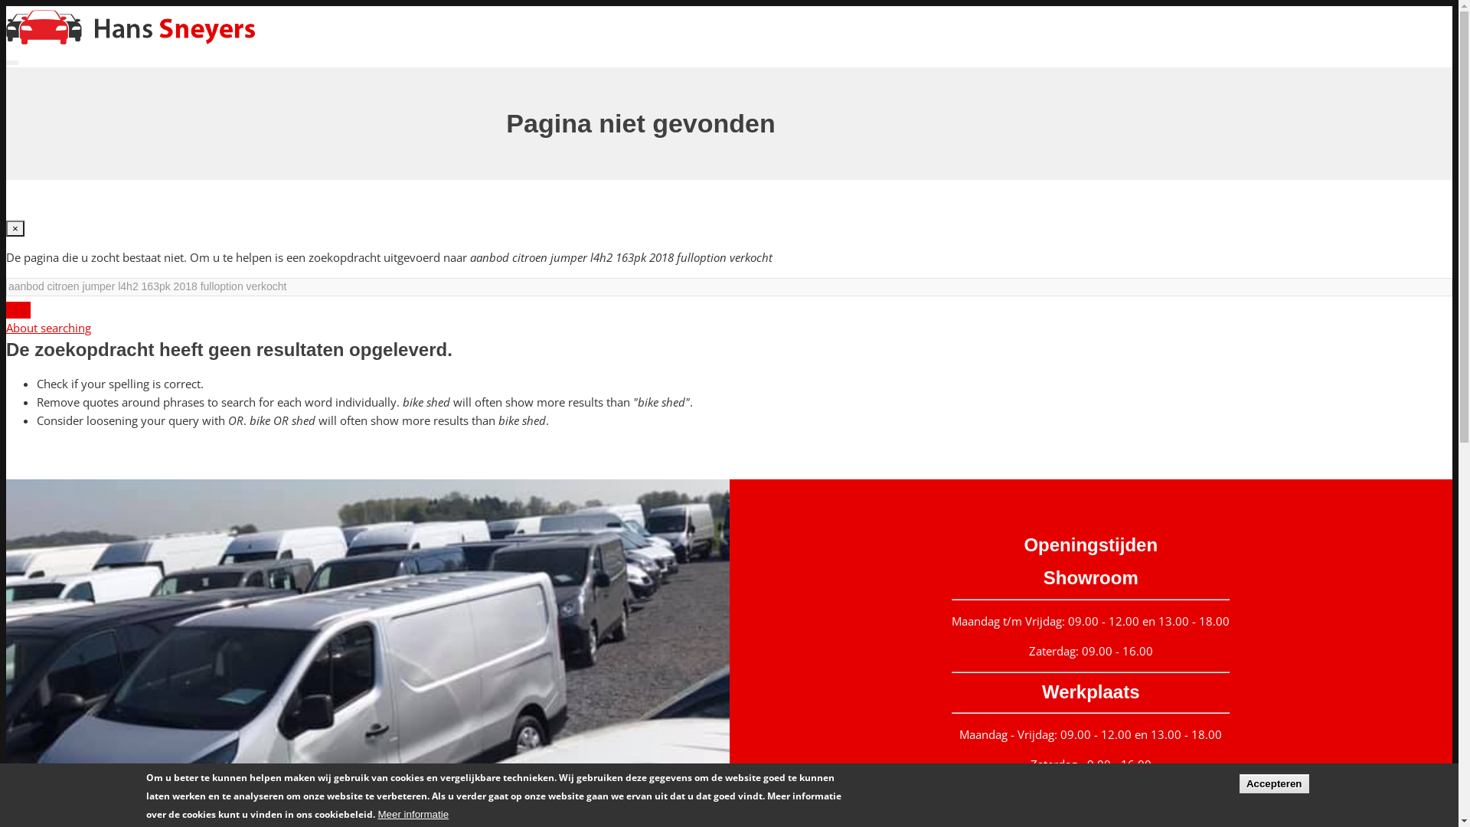 The image size is (1470, 827). What do you see at coordinates (130, 38) in the screenshot?
I see `'Home'` at bounding box center [130, 38].